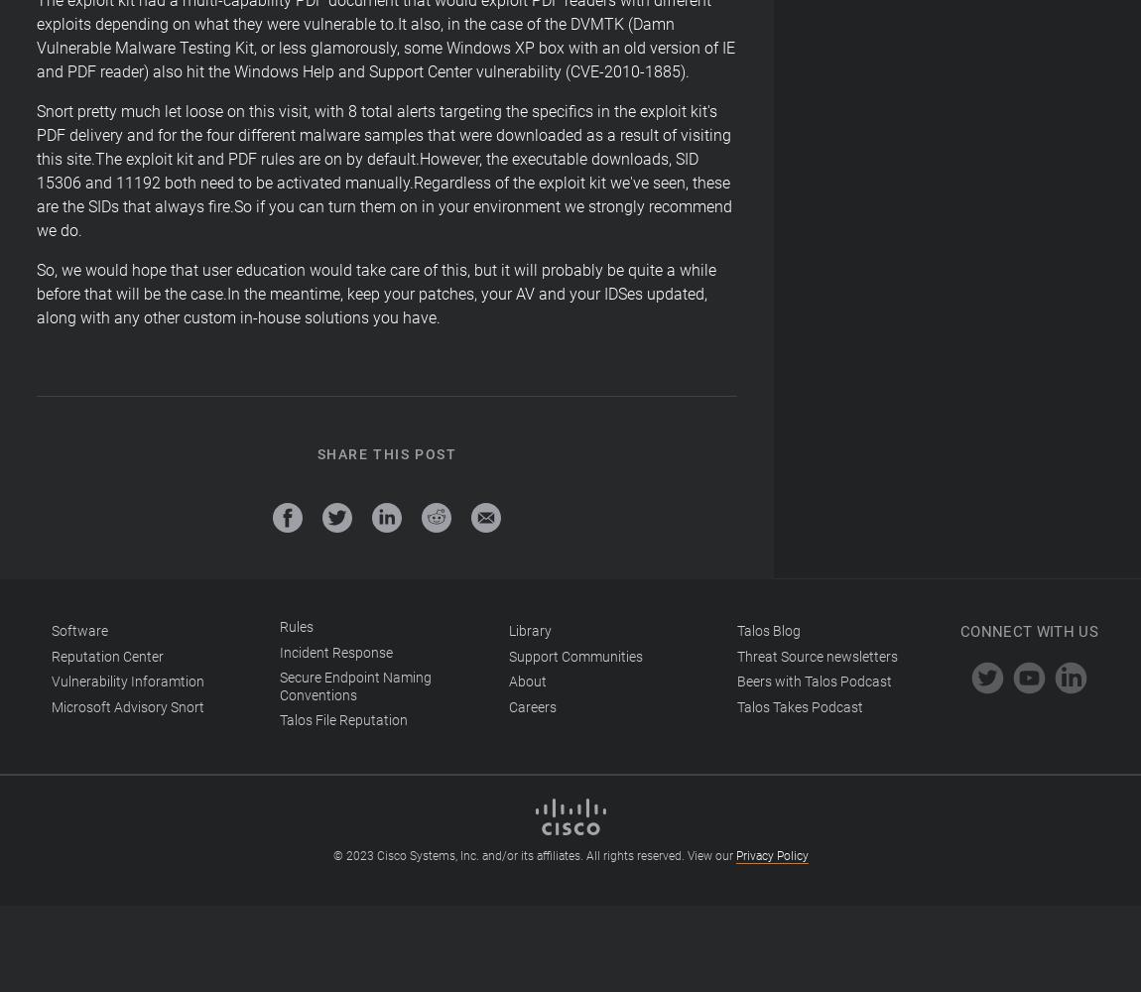 This screenshot has width=1141, height=992. I want to click on 'Microsoft Advisory Snort Rules', so click(182, 667).